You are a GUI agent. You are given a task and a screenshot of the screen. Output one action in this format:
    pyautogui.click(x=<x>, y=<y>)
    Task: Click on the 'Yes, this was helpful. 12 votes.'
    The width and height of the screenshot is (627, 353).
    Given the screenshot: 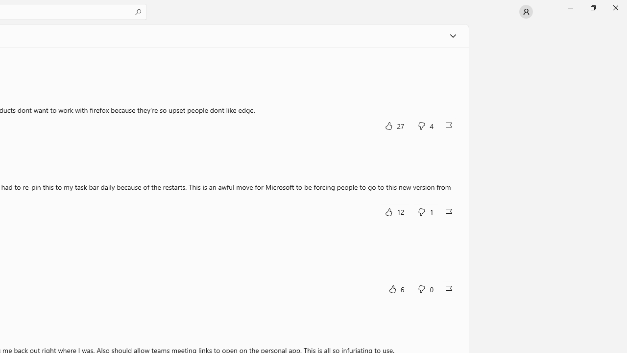 What is the action you would take?
    pyautogui.click(x=394, y=211)
    